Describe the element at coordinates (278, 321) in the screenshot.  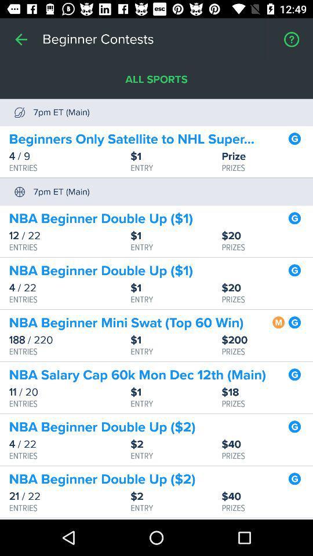
I see `item above the $200 icon` at that location.